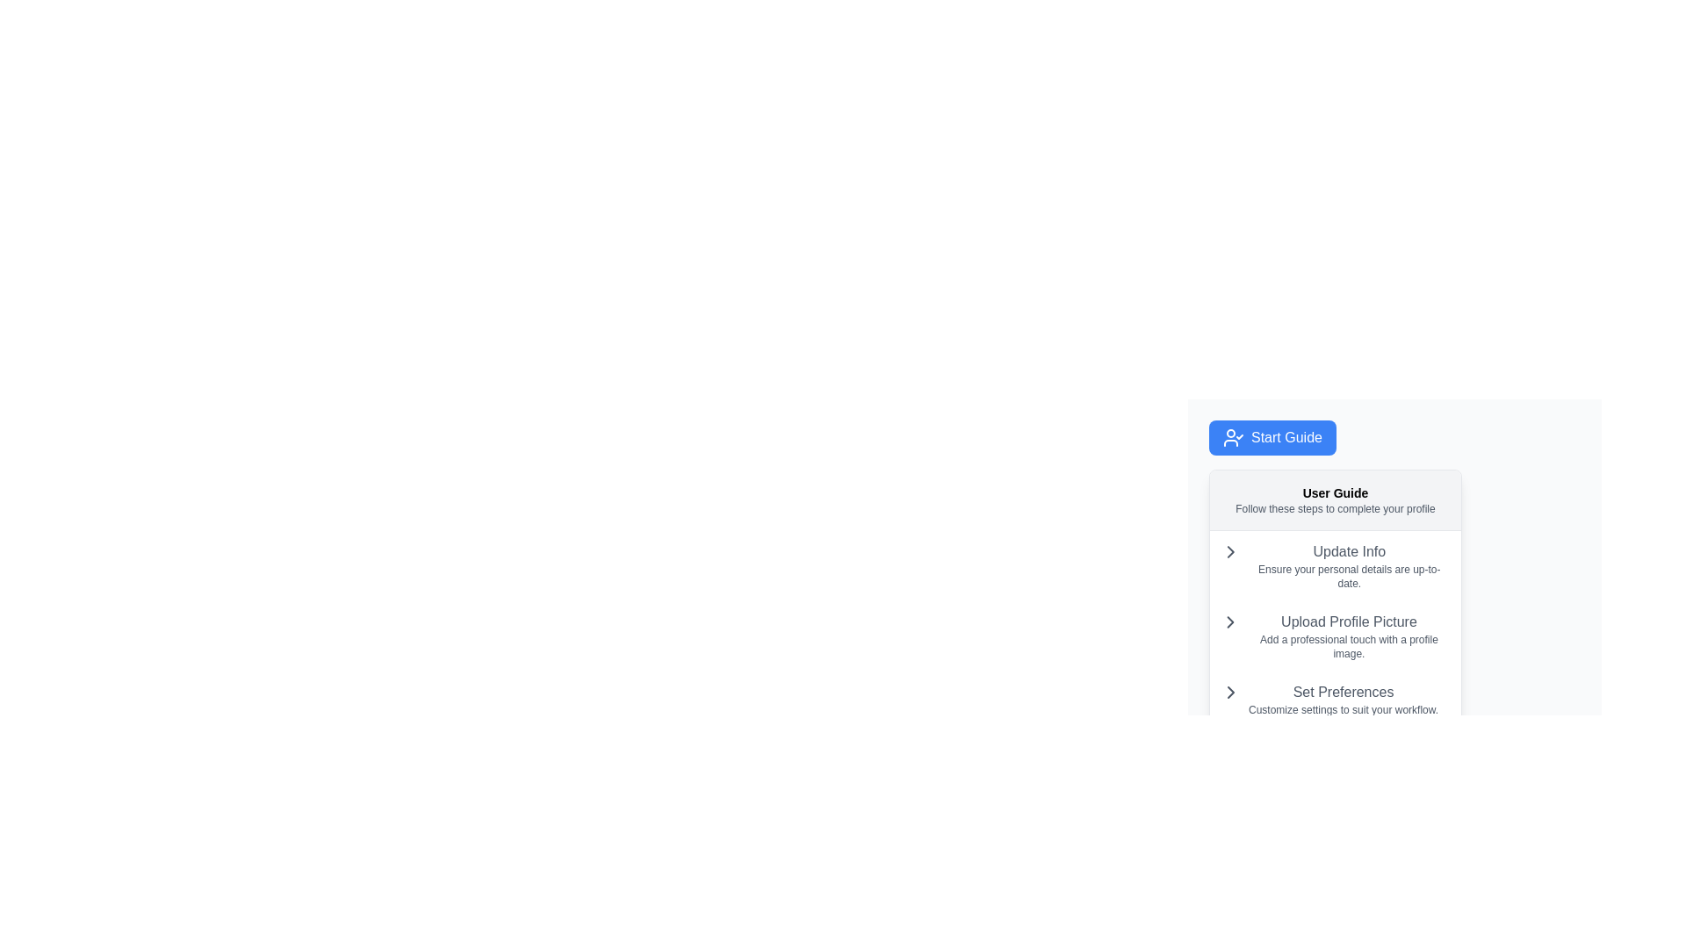 The height and width of the screenshot is (948, 1686). I want to click on the user confirmation icon located to the left of the 'Start Guide' button in the top section of the interface, so click(1233, 436).